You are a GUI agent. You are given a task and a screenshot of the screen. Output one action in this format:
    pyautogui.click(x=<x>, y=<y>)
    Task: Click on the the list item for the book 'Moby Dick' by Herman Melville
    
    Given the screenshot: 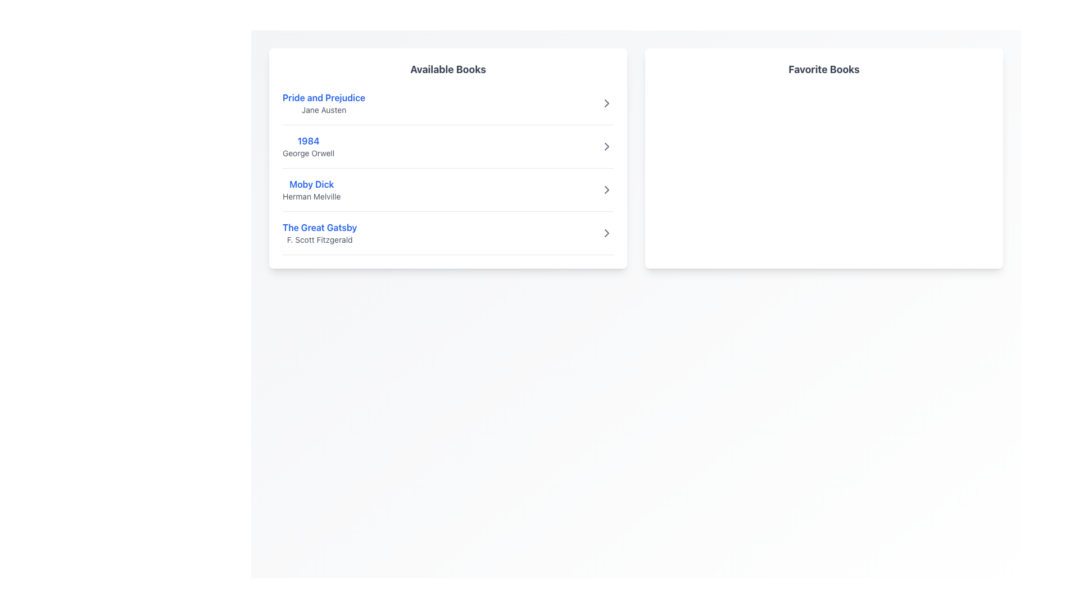 What is the action you would take?
    pyautogui.click(x=447, y=194)
    